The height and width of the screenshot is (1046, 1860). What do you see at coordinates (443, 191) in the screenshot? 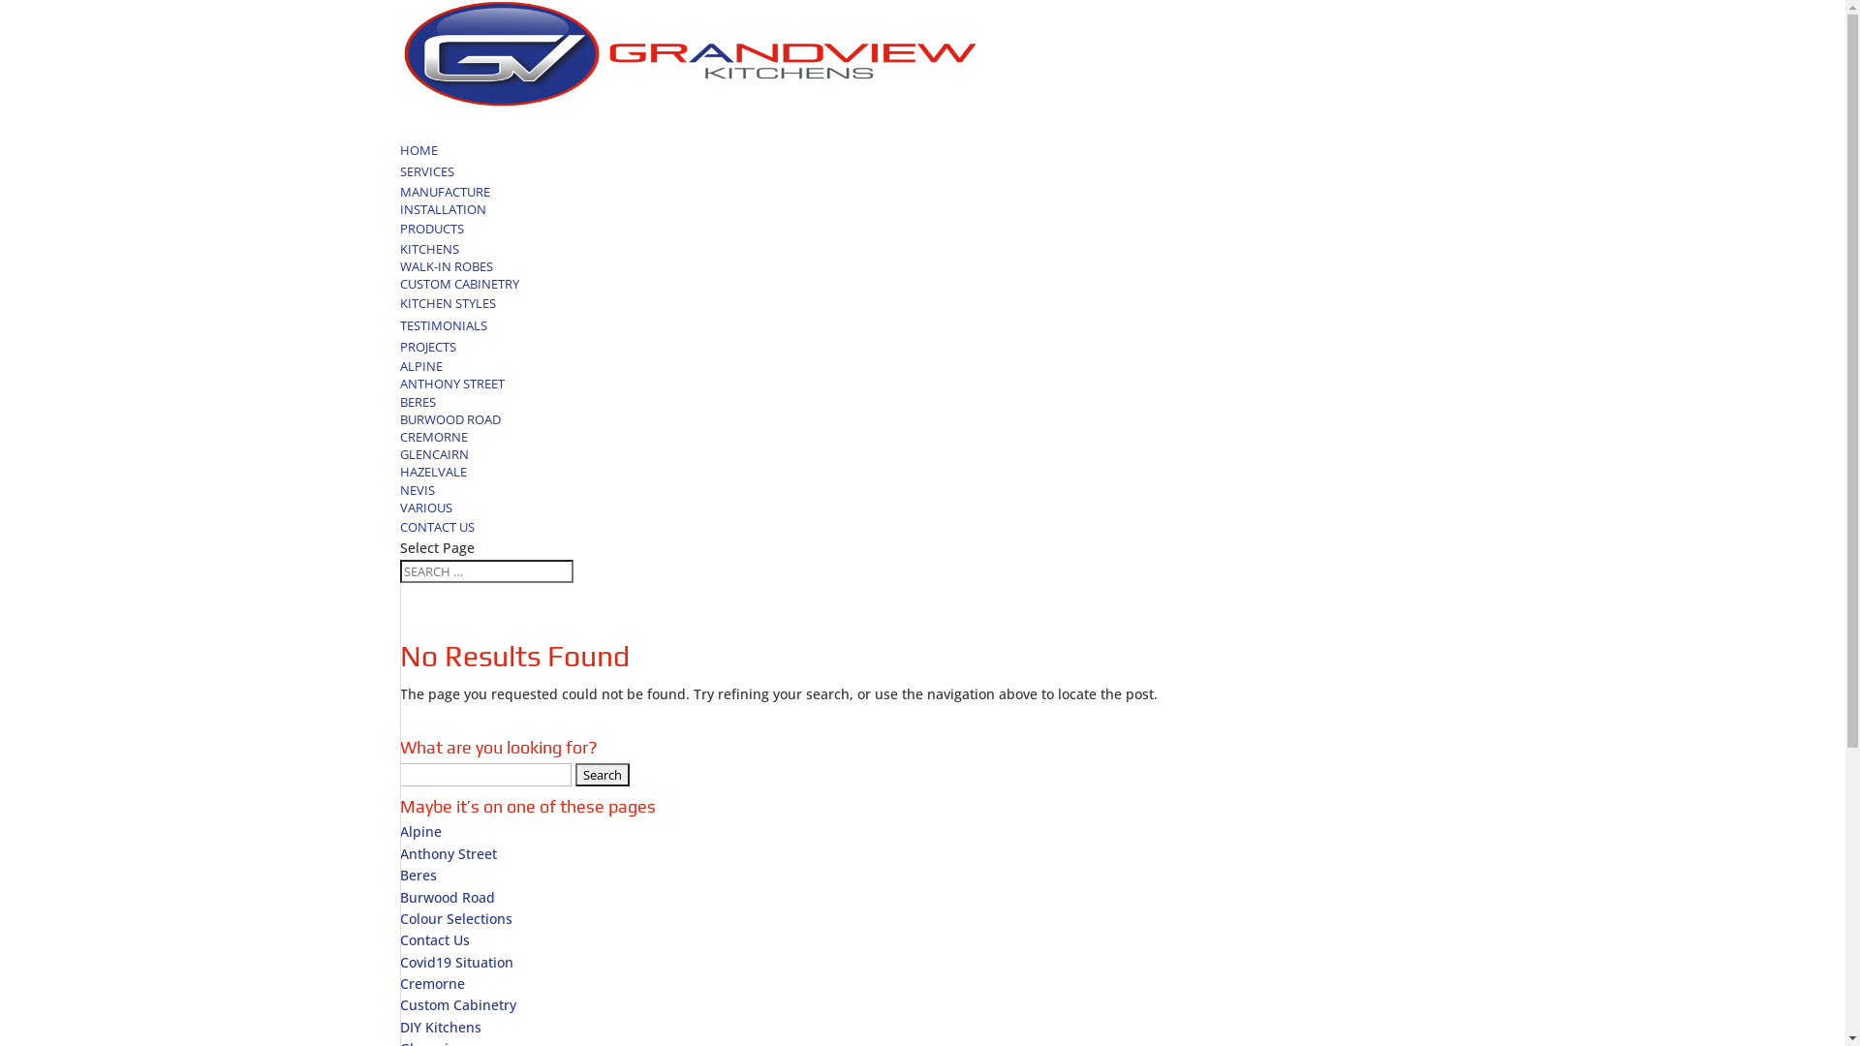
I see `'MANUFACTURE'` at bounding box center [443, 191].